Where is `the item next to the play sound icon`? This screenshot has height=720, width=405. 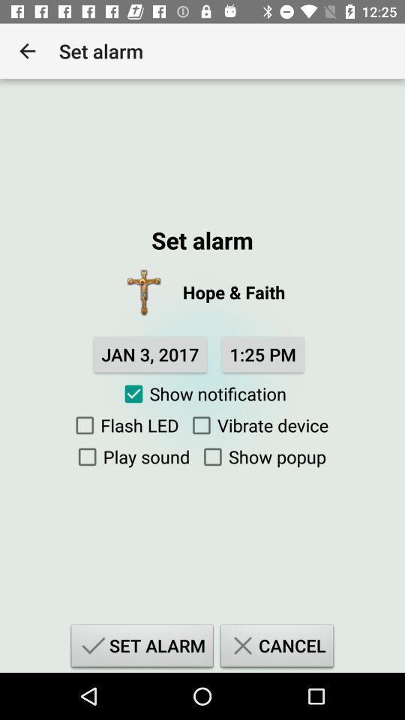 the item next to the play sound icon is located at coordinates (260, 456).